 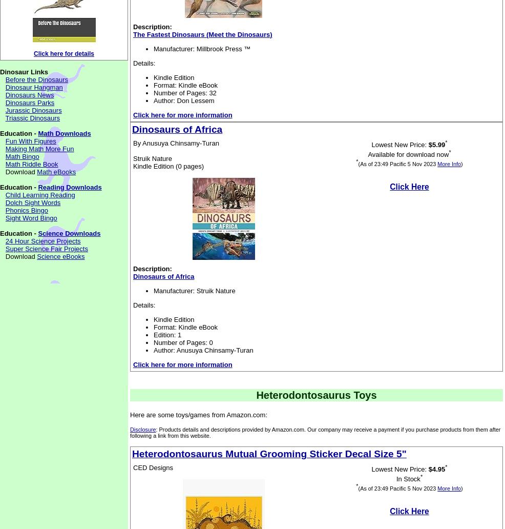 I want to click on 'Struik Nature', so click(x=152, y=158).